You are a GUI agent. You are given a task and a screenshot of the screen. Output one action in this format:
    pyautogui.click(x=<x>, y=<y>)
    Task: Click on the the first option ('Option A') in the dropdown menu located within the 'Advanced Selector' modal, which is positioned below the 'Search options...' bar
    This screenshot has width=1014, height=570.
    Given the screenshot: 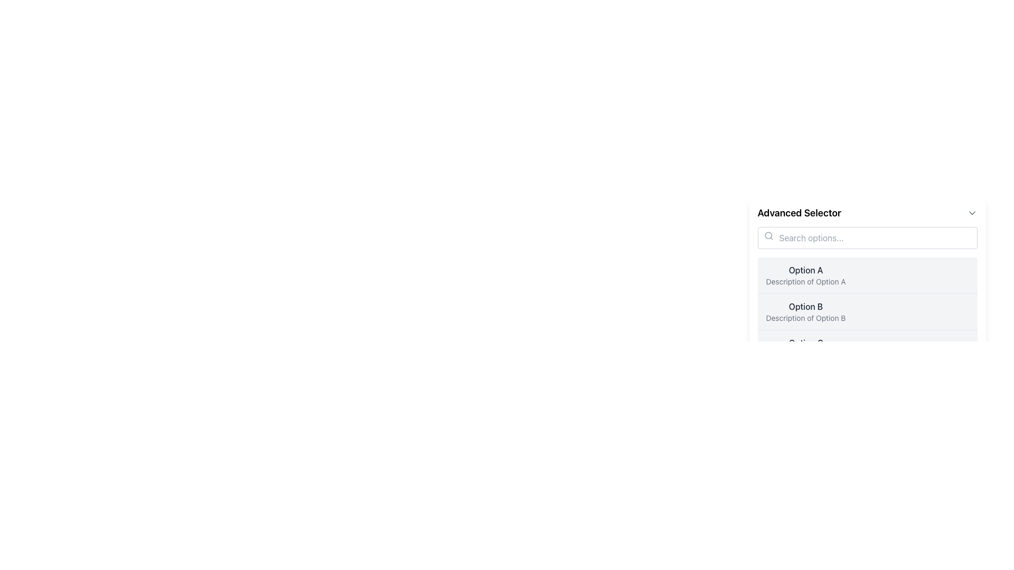 What is the action you would take?
    pyautogui.click(x=867, y=286)
    